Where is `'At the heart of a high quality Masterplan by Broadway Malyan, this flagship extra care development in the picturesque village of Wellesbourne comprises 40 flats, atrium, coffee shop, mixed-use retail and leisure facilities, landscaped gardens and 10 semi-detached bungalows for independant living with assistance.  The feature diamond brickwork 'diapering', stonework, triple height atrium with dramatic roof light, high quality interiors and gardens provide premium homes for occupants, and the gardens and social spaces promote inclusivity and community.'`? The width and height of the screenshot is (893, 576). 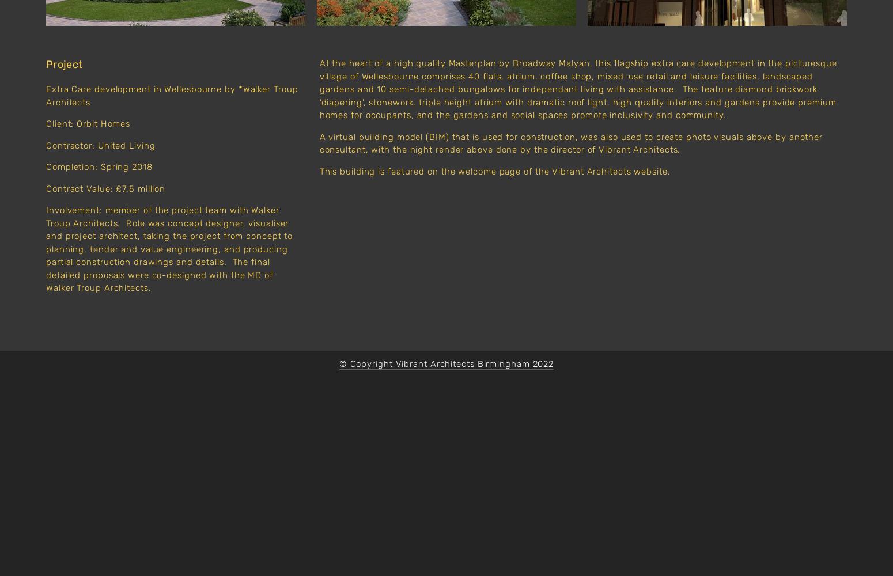 'At the heart of a high quality Masterplan by Broadway Malyan, this flagship extra care development in the picturesque village of Wellesbourne comprises 40 flats, atrium, coffee shop, mixed-use retail and leisure facilities, landscaped gardens and 10 semi-detached bungalows for independant living with assistance.  The feature diamond brickwork 'diapering', stonework, triple height atrium with dramatic roof light, high quality interiors and gardens provide premium homes for occupants, and the gardens and social spaces promote inclusivity and community.' is located at coordinates (578, 89).